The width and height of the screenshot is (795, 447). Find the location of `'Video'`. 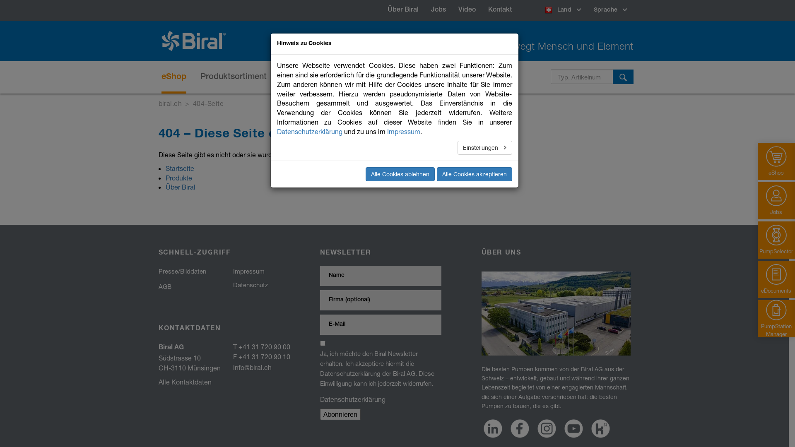

'Video' is located at coordinates (467, 10).